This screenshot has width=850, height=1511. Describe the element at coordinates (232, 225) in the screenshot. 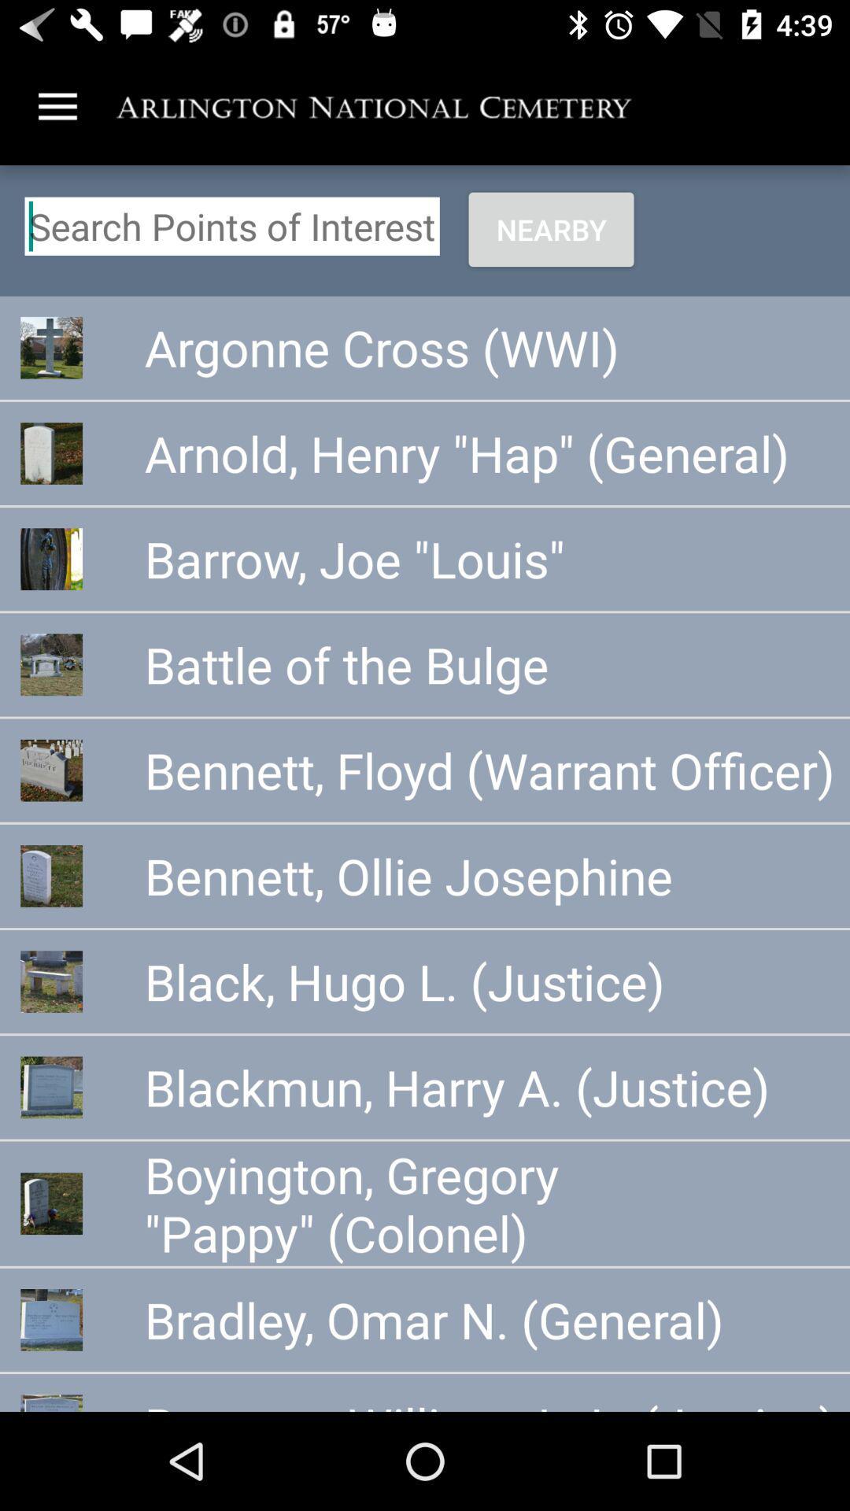

I see `search points of interest` at that location.